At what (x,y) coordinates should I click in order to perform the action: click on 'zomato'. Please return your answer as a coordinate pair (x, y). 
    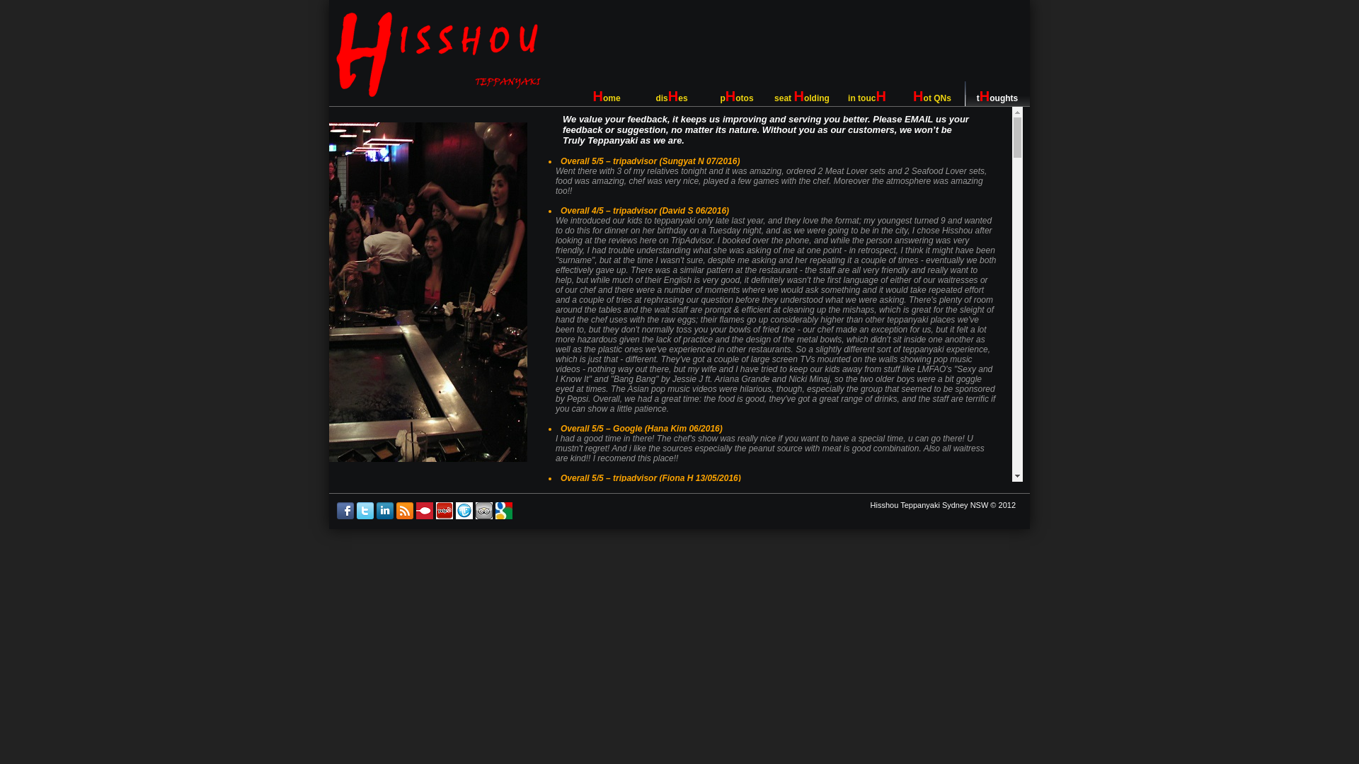
    Looking at the image, I should click on (424, 516).